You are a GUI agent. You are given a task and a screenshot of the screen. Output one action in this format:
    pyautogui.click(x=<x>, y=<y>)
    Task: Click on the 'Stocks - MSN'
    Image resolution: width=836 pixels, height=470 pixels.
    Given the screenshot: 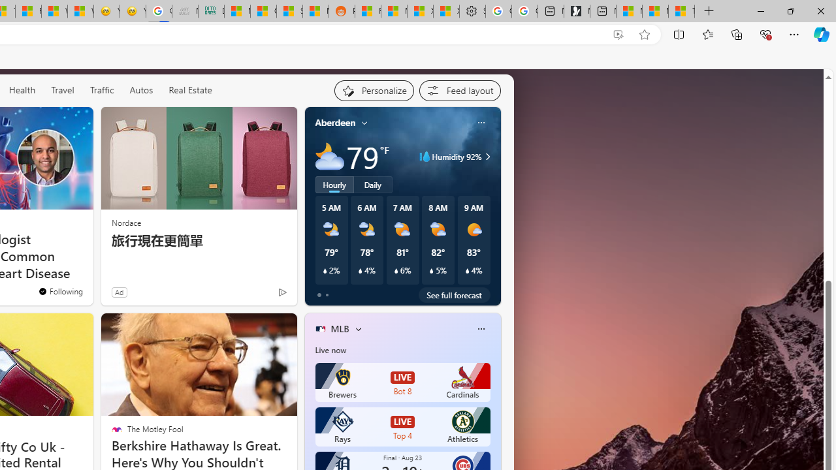 What is the action you would take?
    pyautogui.click(x=289, y=11)
    